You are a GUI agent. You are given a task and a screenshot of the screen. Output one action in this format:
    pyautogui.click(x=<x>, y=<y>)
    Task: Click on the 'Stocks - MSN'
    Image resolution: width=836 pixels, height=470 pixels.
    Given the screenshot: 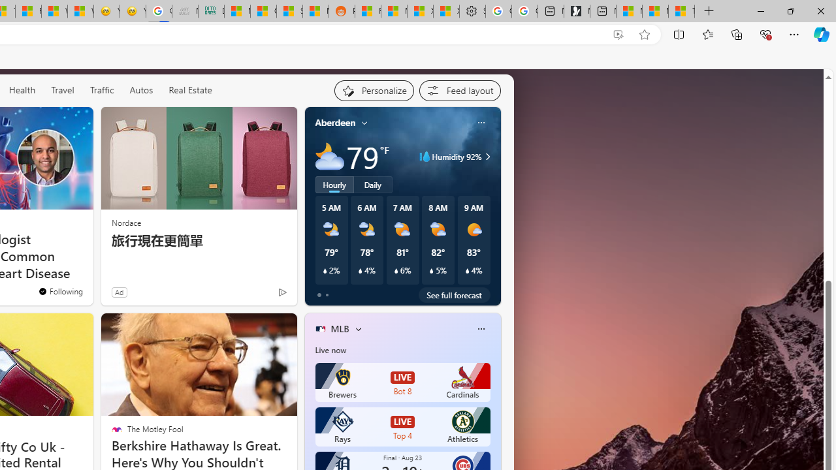 What is the action you would take?
    pyautogui.click(x=289, y=11)
    